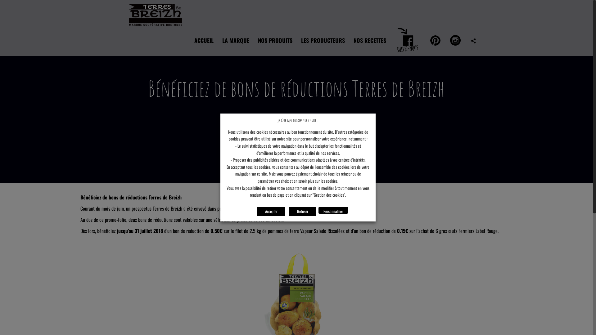  Describe the element at coordinates (156, 12) in the screenshot. I see `'Terres de Breizh'` at that location.